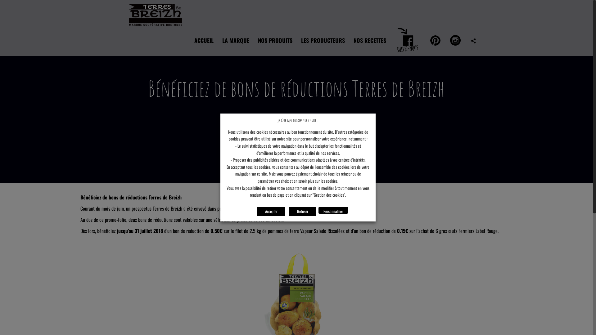  Describe the element at coordinates (156, 12) in the screenshot. I see `'Terres de Breizh'` at that location.